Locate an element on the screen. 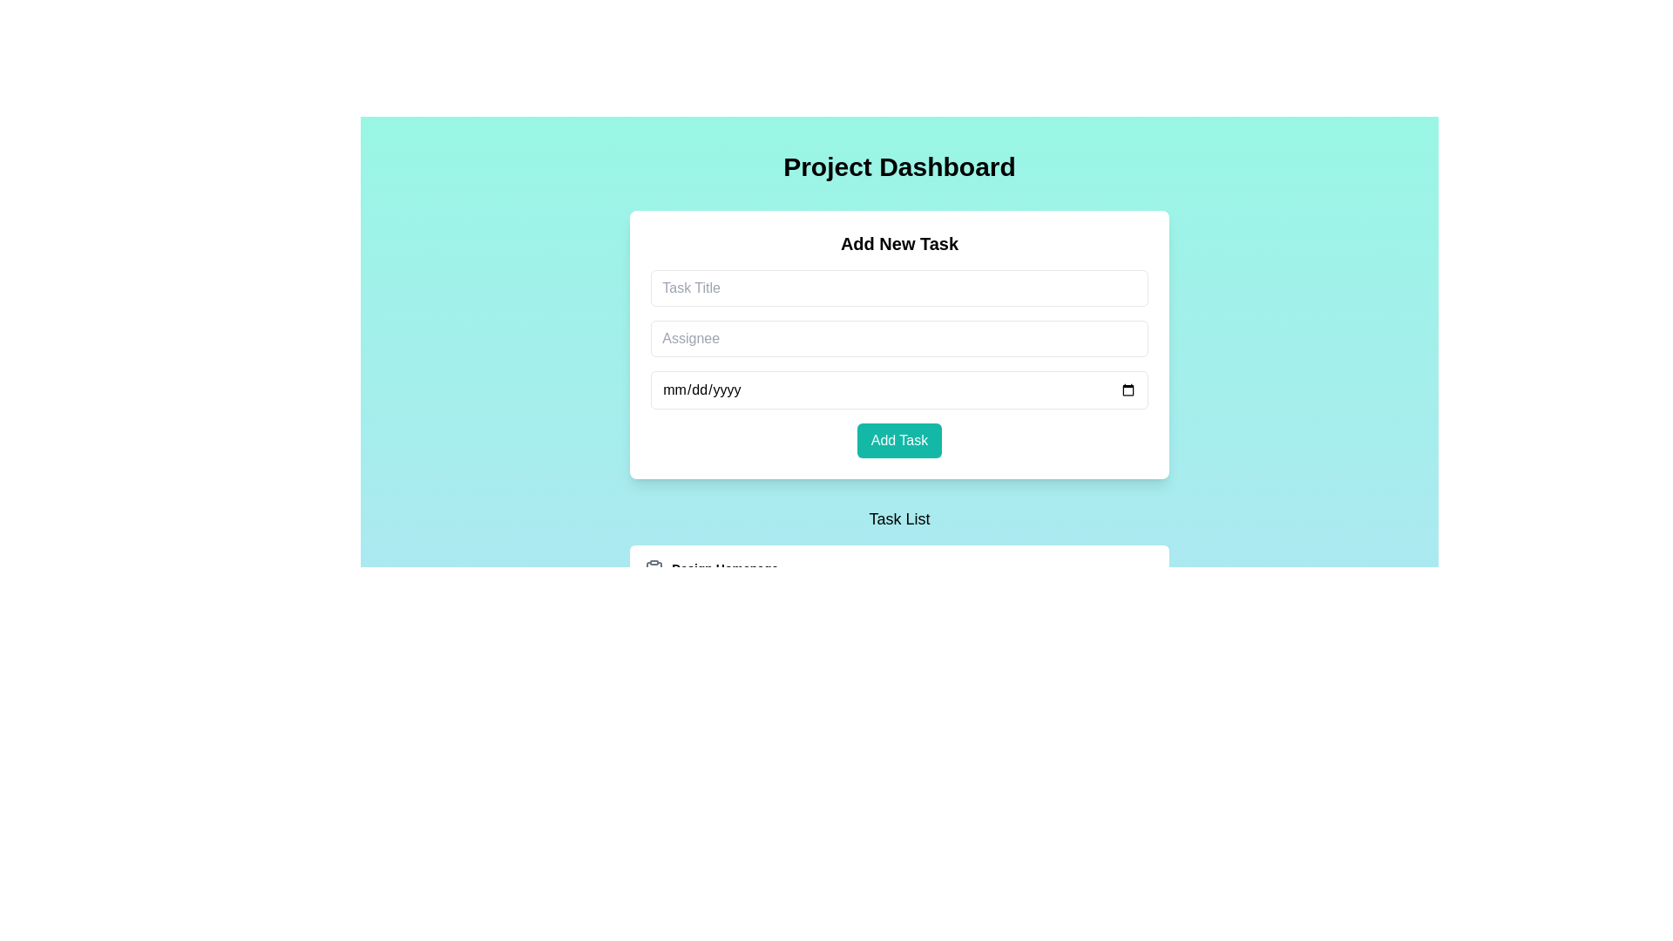  the submit button for adding a new task located at the center-bottom of the 'Add New Task' modal, which is within a gradient teal background is located at coordinates (899, 439).